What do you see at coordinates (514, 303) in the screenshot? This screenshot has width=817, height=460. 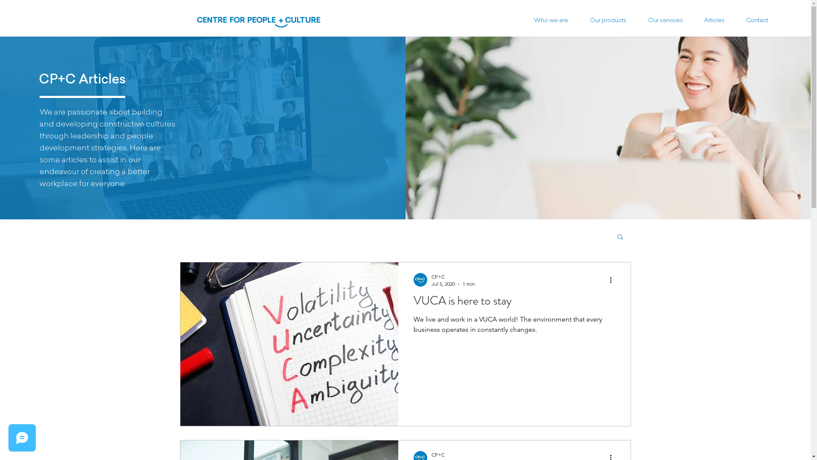 I see `'VUCA is here to stay'` at bounding box center [514, 303].